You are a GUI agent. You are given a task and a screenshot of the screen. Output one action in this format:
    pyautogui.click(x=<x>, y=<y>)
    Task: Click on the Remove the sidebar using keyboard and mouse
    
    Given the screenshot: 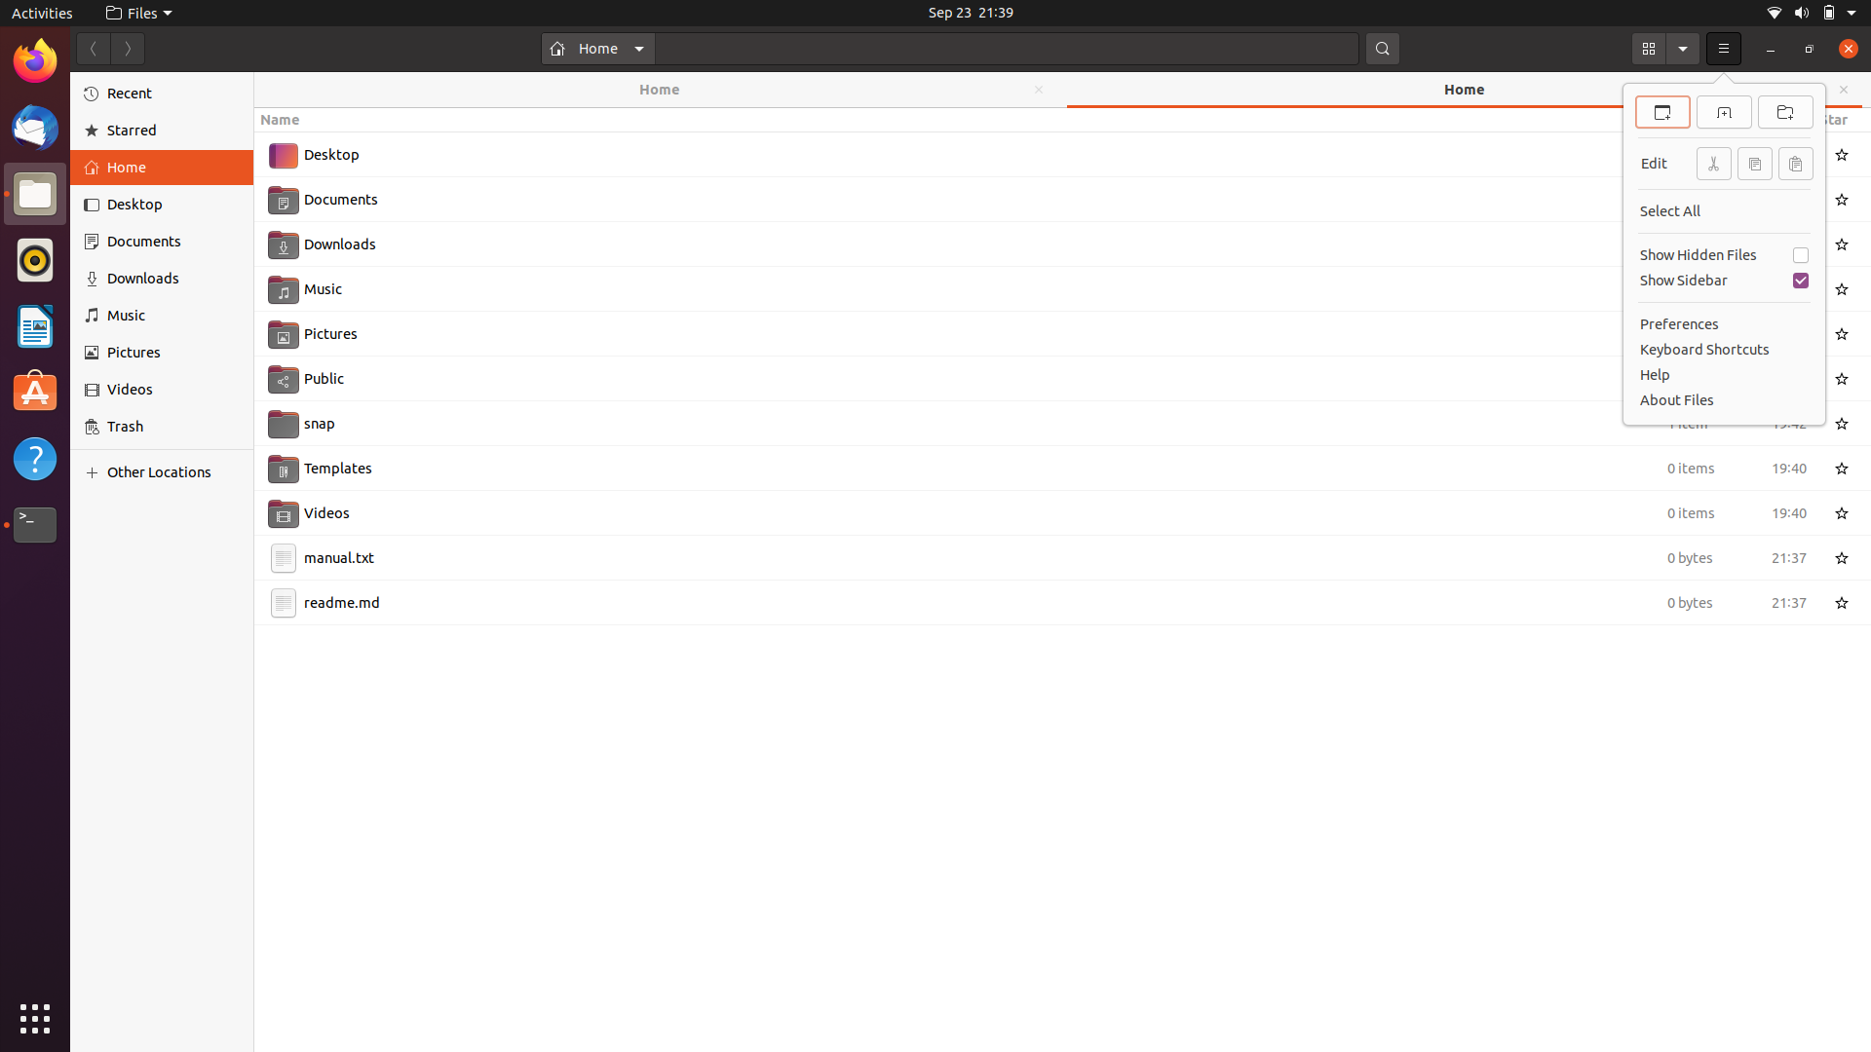 What is the action you would take?
    pyautogui.click(x=1722, y=282)
    